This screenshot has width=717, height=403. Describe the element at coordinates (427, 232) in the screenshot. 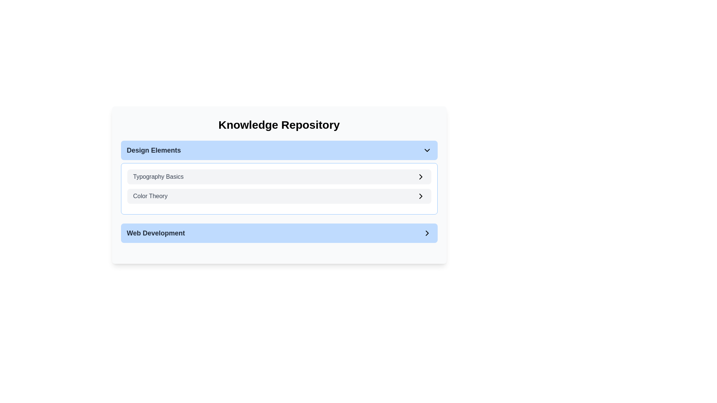

I see `the chevron icon located at the bottom of the 'Web Development' button to potentially reveal a tooltip` at that location.